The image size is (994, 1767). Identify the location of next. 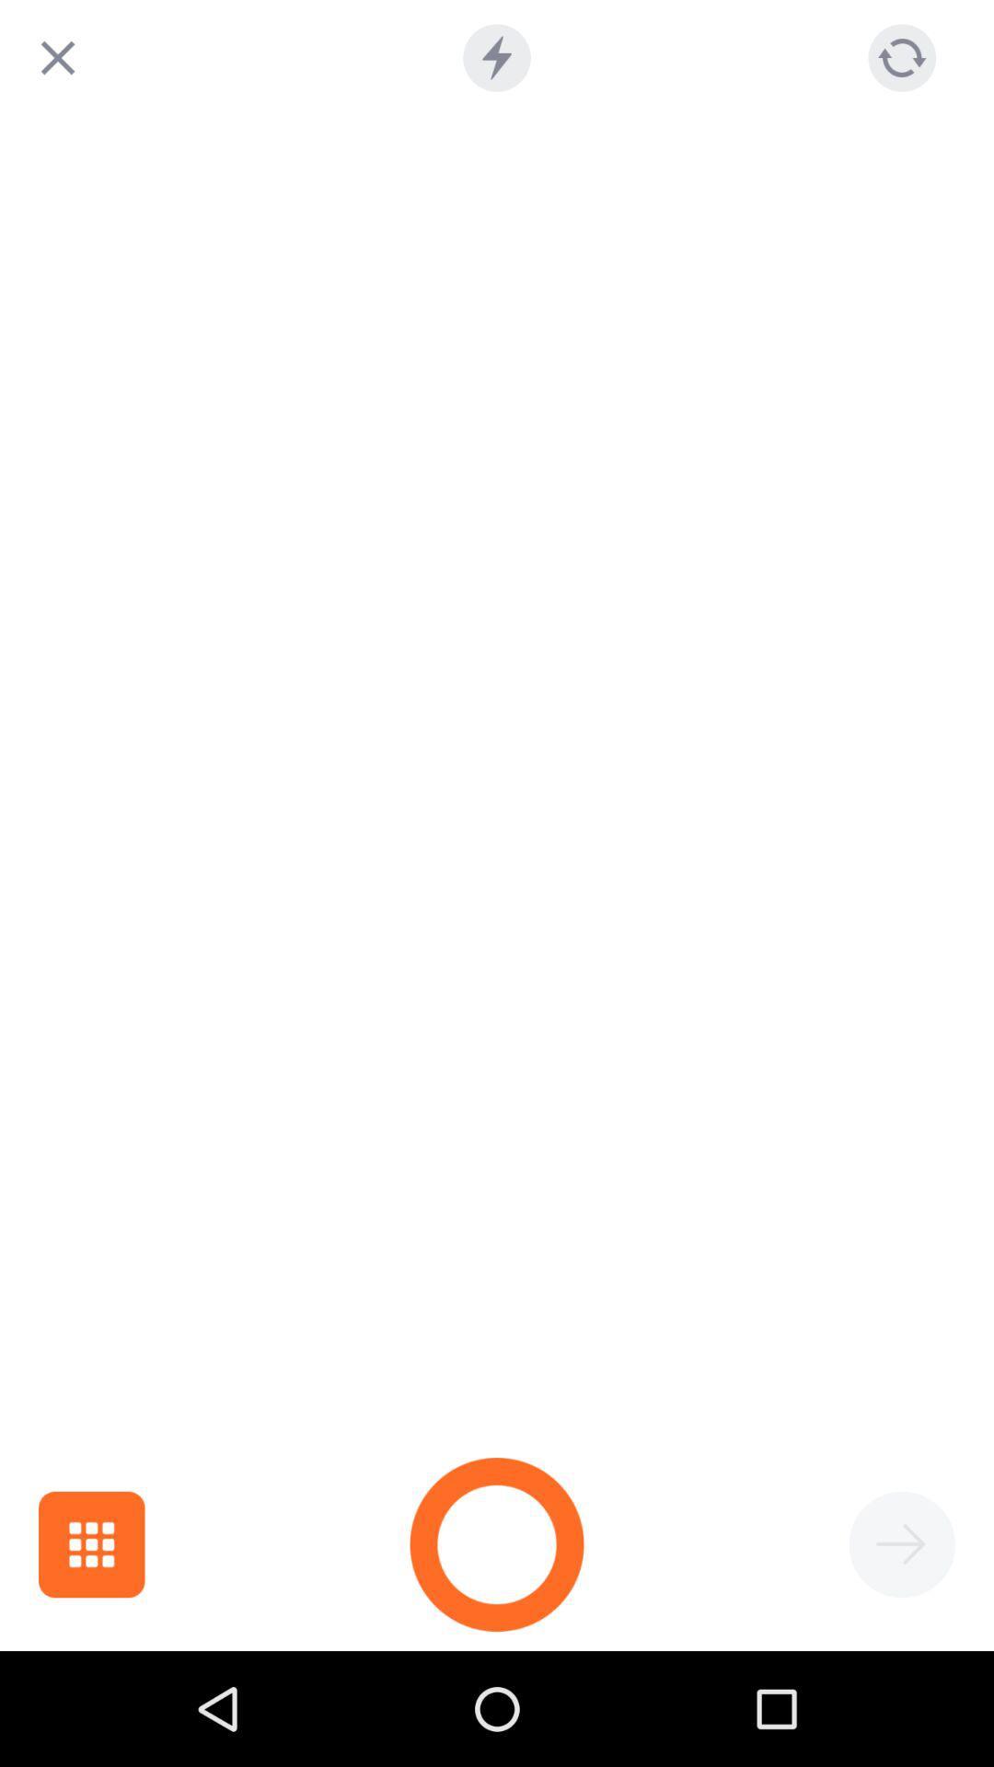
(901, 1544).